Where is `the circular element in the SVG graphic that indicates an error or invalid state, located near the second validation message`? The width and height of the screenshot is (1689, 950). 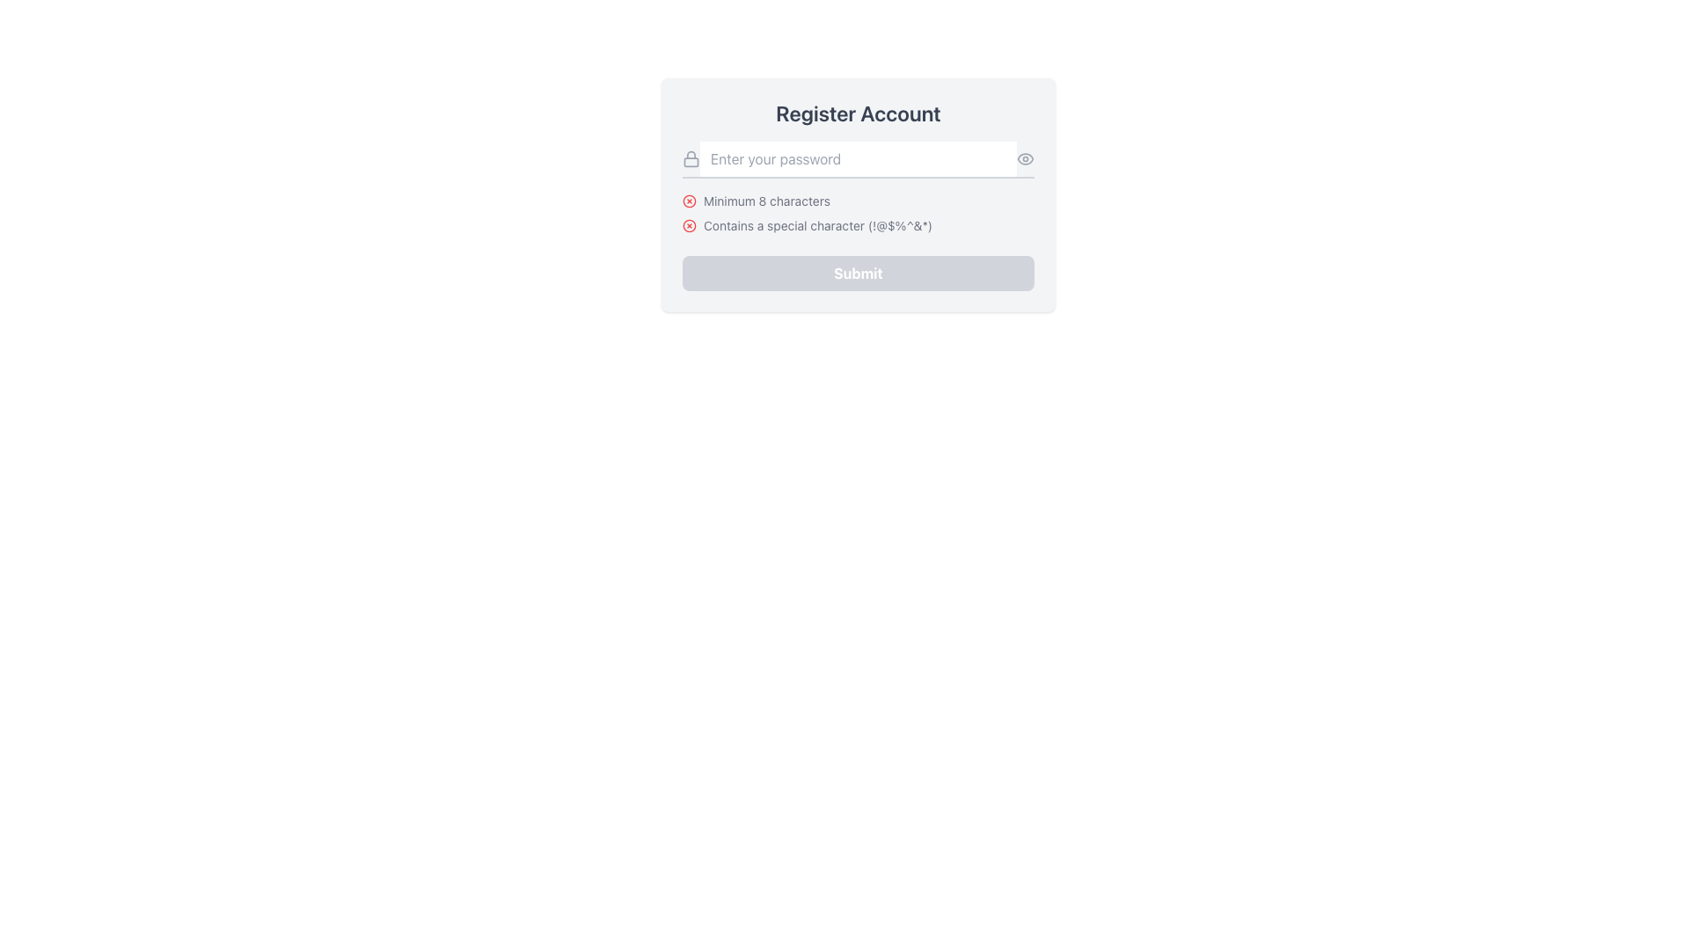
the circular element in the SVG graphic that indicates an error or invalid state, located near the second validation message is located at coordinates (688, 223).